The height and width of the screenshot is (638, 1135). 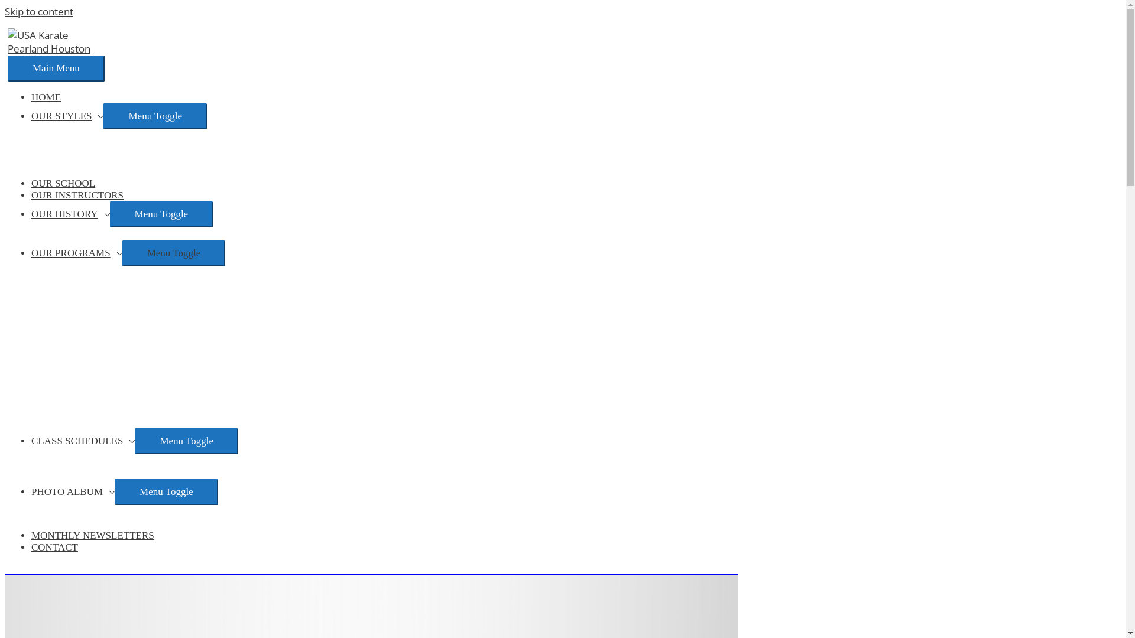 I want to click on 'OUR HISTORY', so click(x=70, y=214).